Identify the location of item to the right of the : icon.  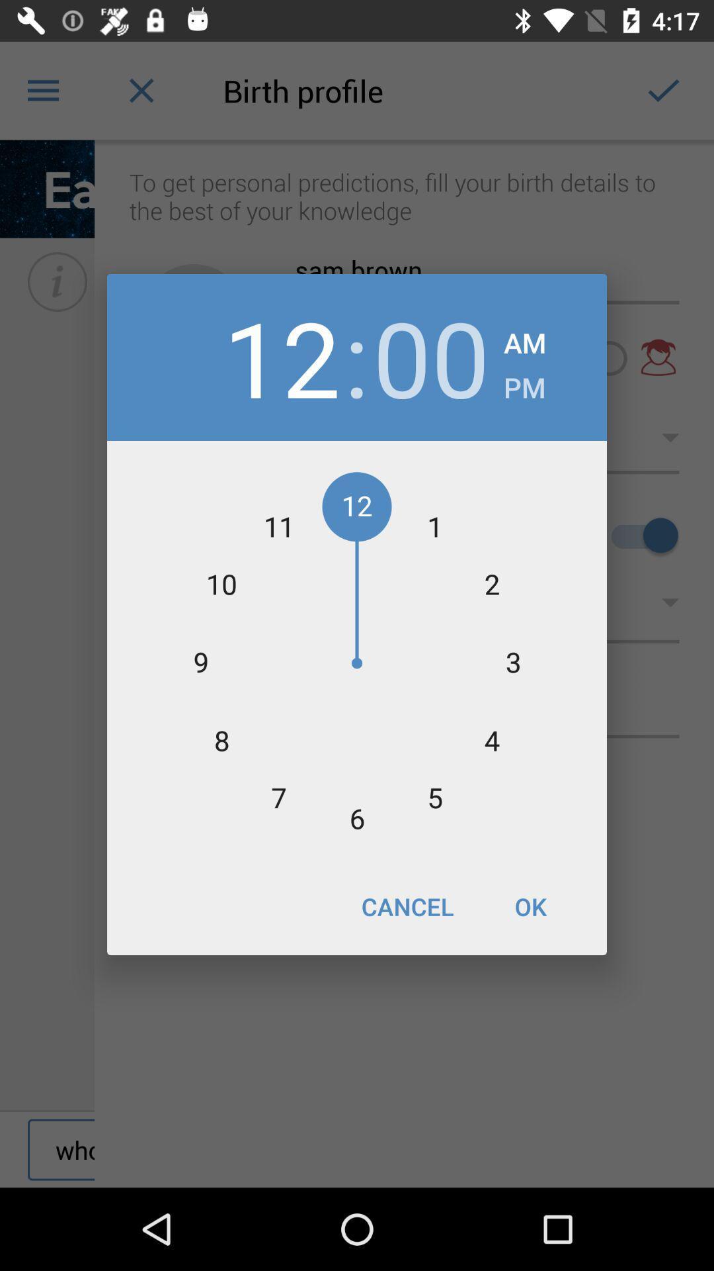
(431, 357).